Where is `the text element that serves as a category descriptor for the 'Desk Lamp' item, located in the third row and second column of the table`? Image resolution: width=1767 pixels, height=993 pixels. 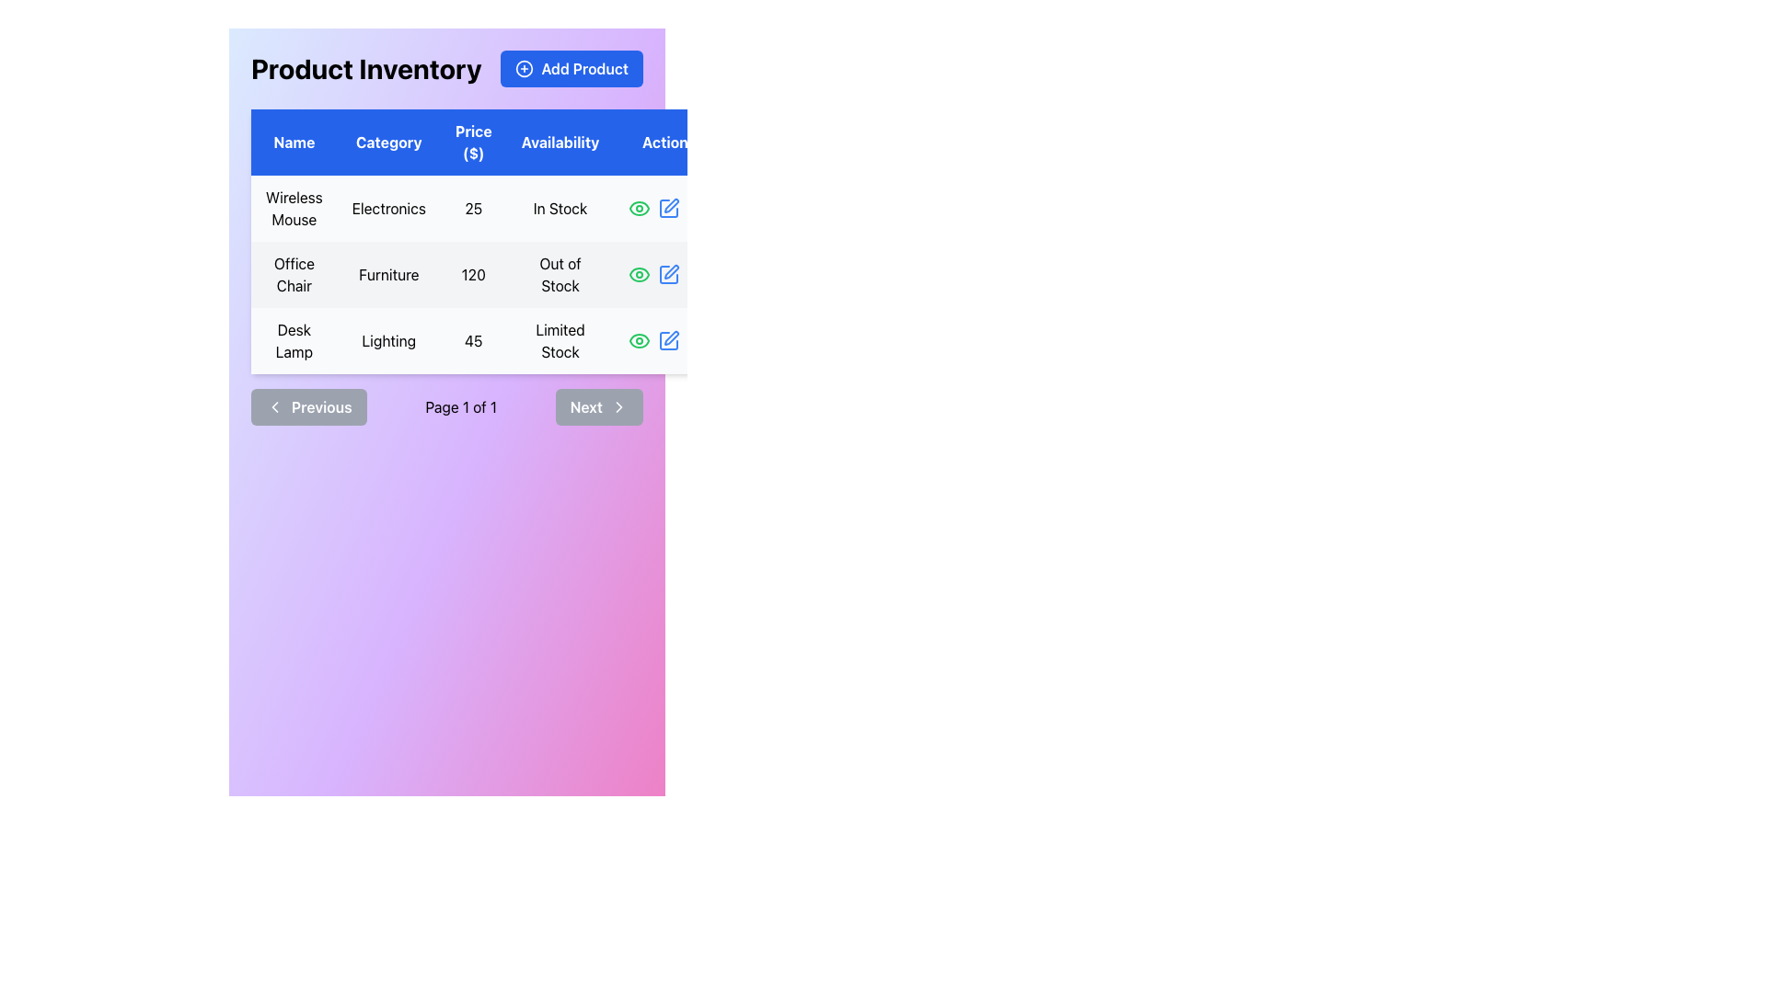
the text element that serves as a category descriptor for the 'Desk Lamp' item, located in the third row and second column of the table is located at coordinates (387, 340).